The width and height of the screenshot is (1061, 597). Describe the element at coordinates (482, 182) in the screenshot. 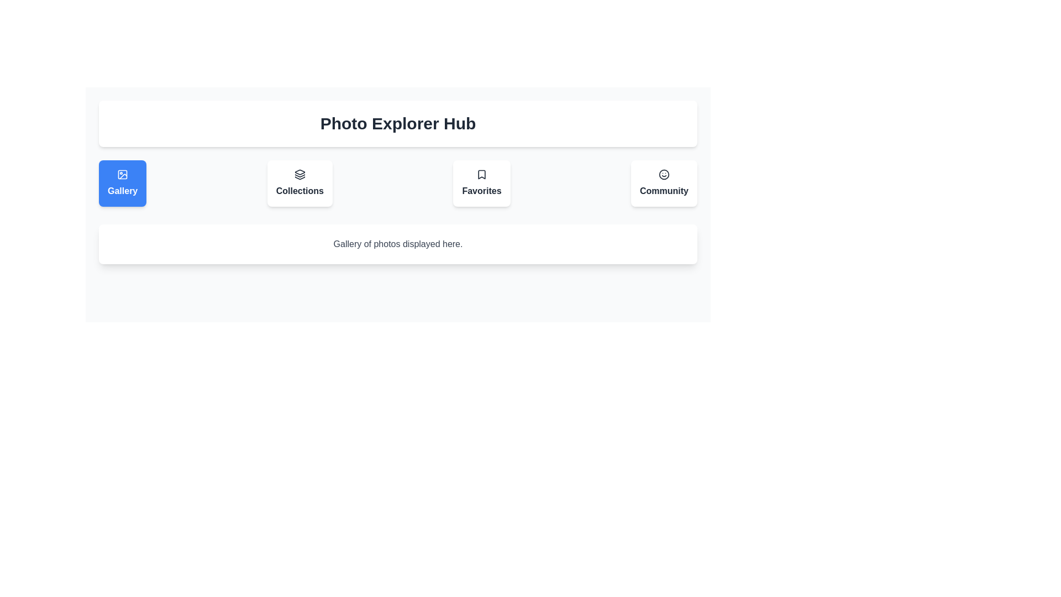

I see `the 'Favorites' button located in the navigation bar, which displays a bookmark icon and the text 'Favorites'` at that location.